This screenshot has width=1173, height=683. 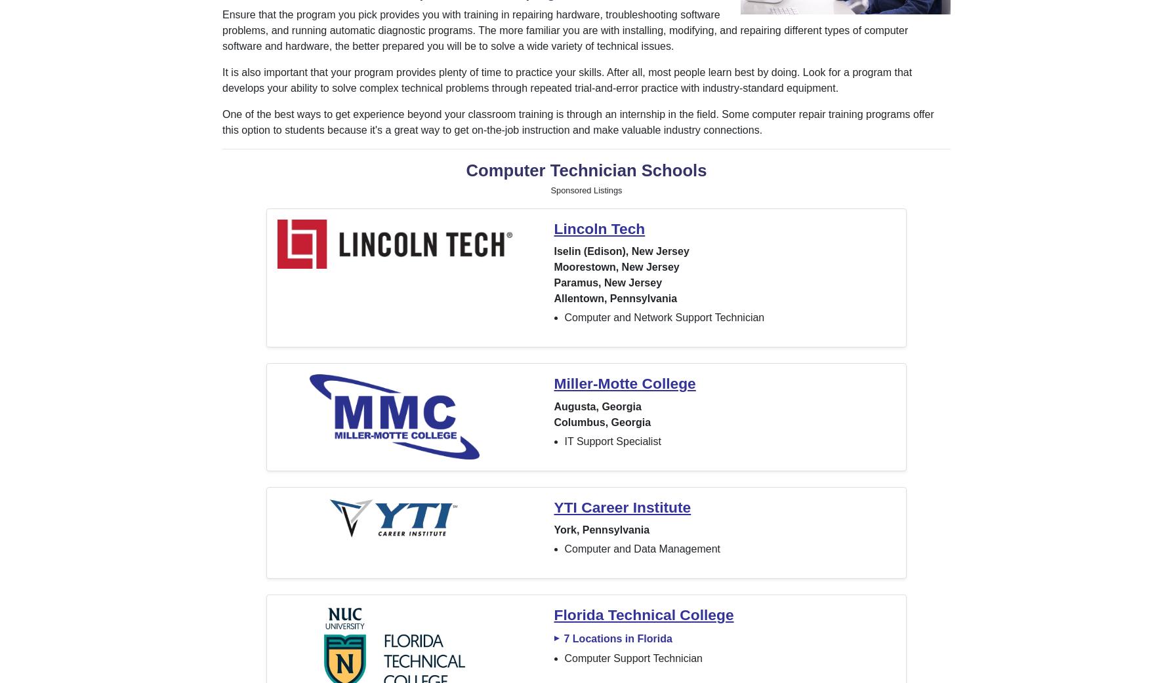 What do you see at coordinates (564, 549) in the screenshot?
I see `'Computer and Data Management'` at bounding box center [564, 549].